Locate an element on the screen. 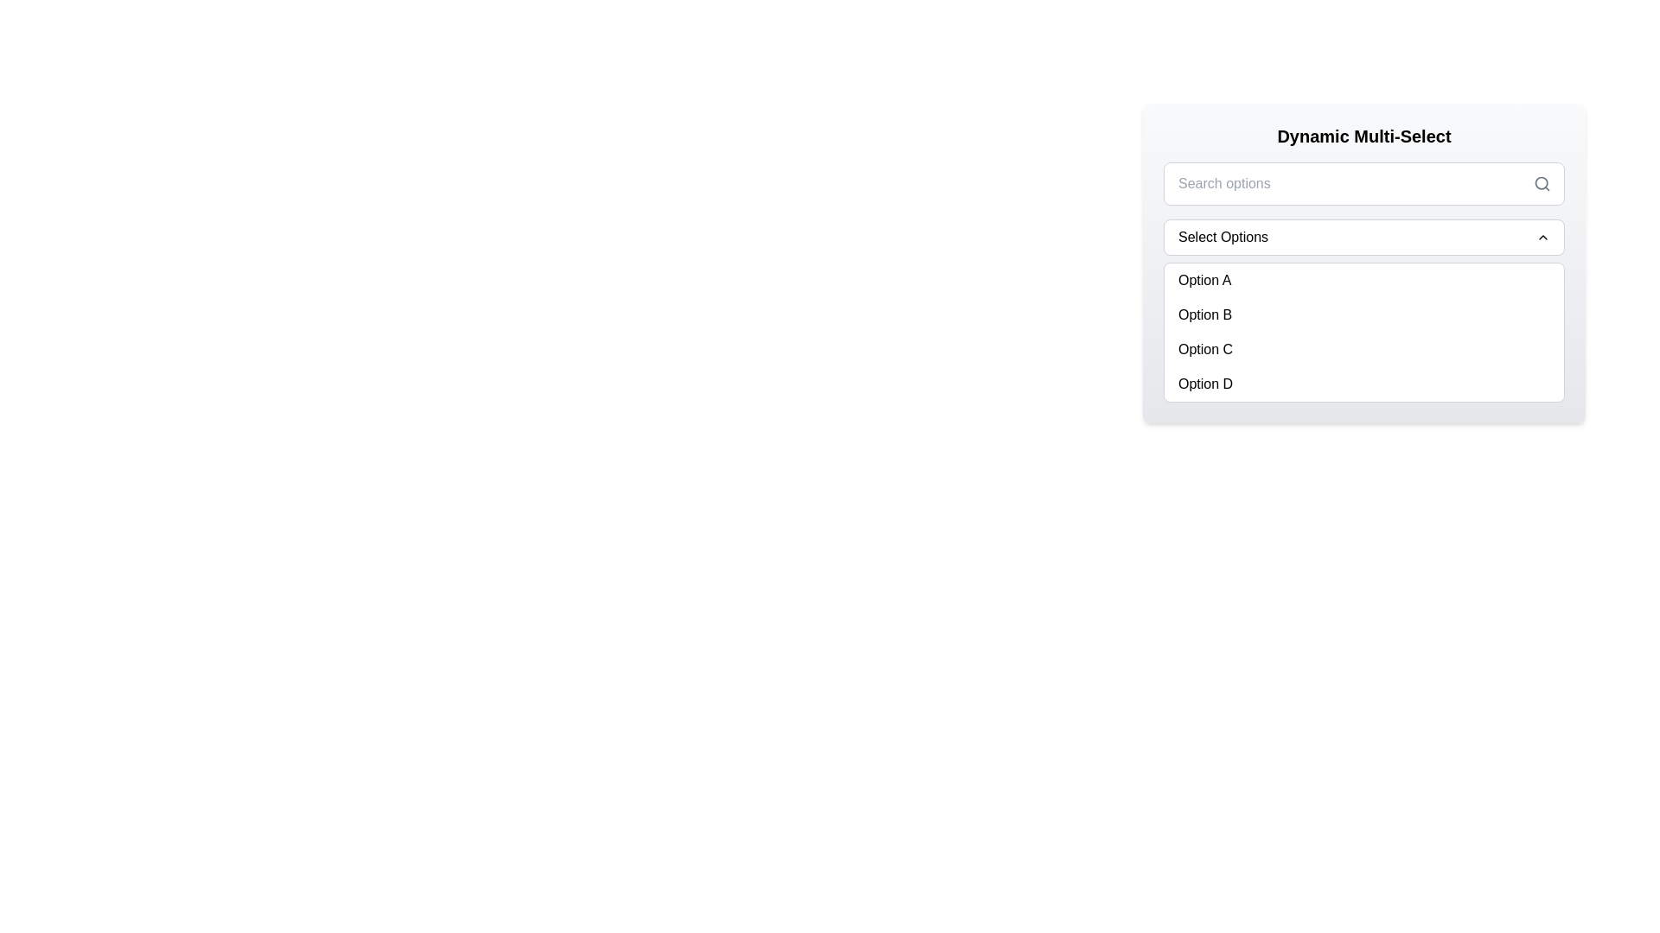 The height and width of the screenshot is (933, 1660). details or styles of the fourth option 'Option D' in the dropdown menu, which is a clickable list item positioned centrally below the previous options is located at coordinates (1363, 383).